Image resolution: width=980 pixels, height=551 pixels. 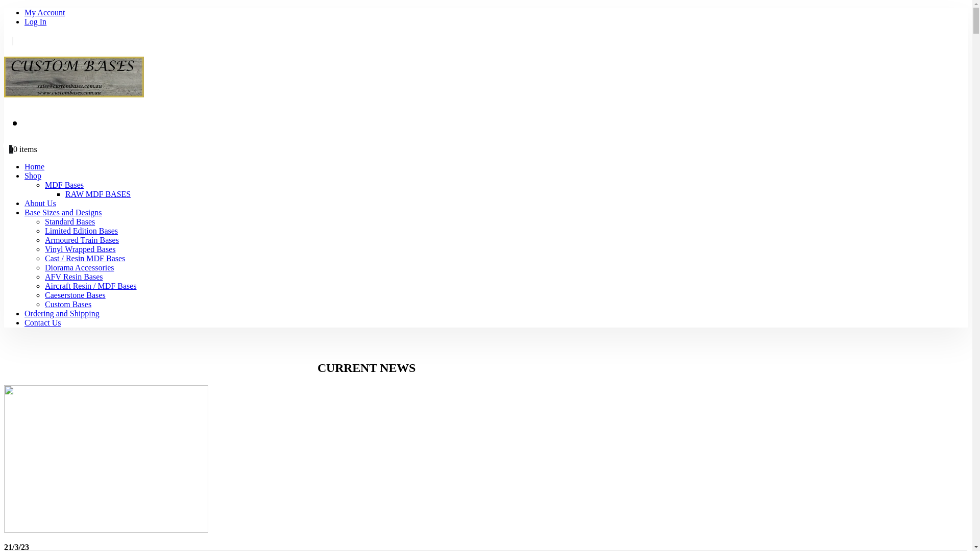 What do you see at coordinates (67, 304) in the screenshot?
I see `'Custom Bases'` at bounding box center [67, 304].